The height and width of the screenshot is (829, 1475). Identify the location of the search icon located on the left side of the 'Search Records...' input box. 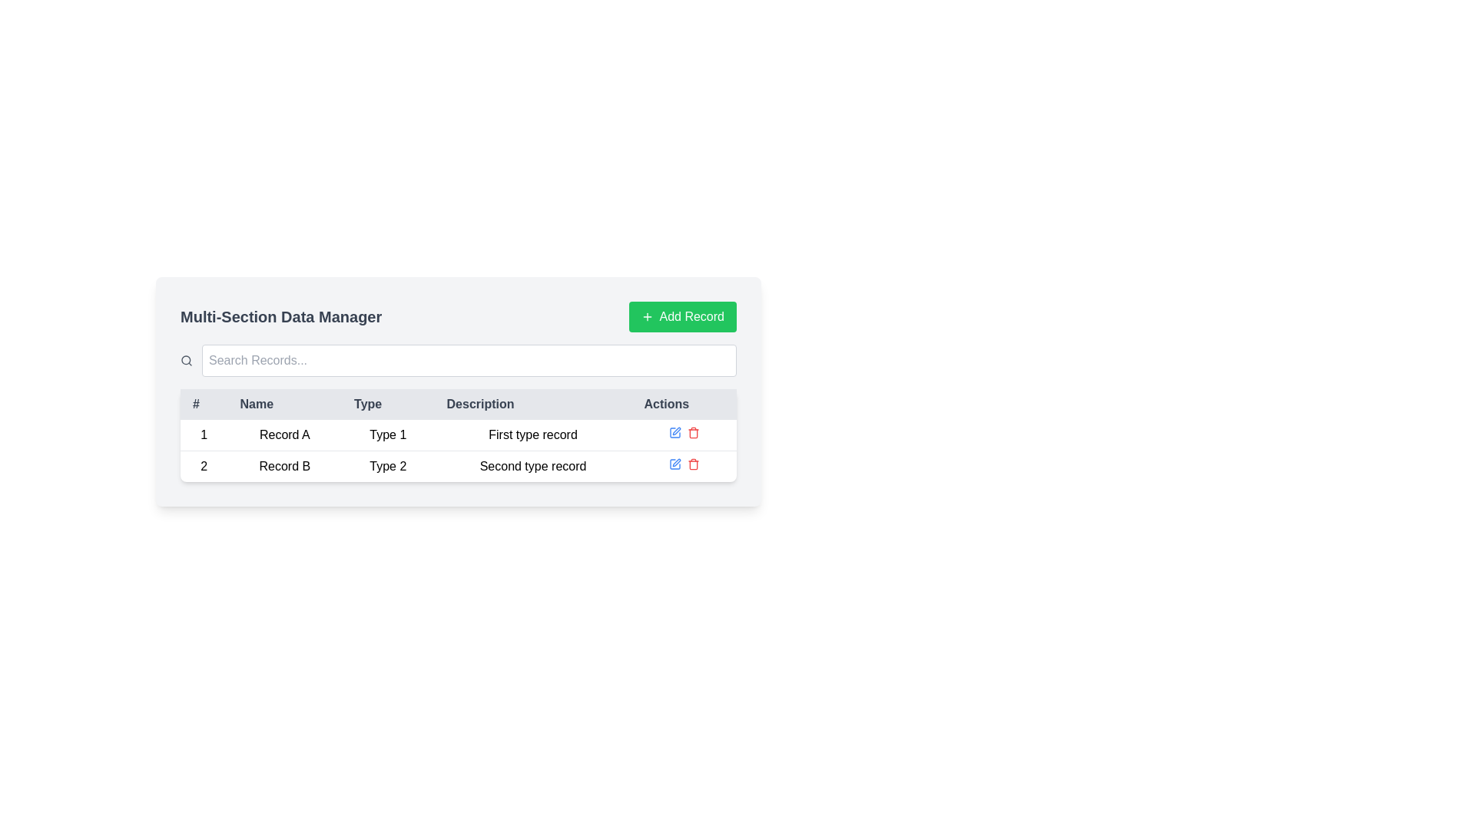
(186, 361).